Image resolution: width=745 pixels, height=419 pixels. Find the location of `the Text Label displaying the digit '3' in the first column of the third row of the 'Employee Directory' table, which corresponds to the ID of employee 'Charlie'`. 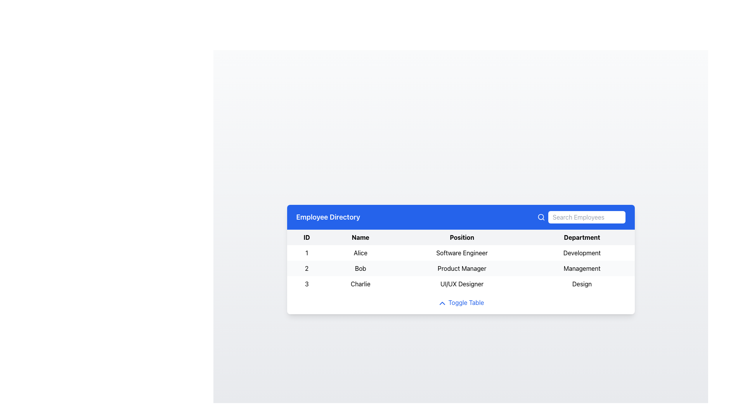

the Text Label displaying the digit '3' in the first column of the third row of the 'Employee Directory' table, which corresponds to the ID of employee 'Charlie' is located at coordinates (306, 284).